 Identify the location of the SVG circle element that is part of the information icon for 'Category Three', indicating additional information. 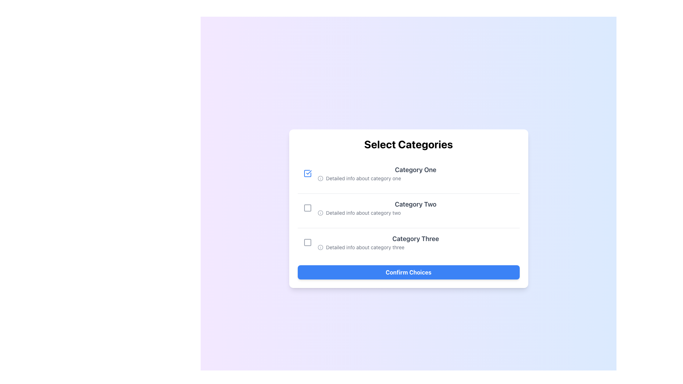
(320, 247).